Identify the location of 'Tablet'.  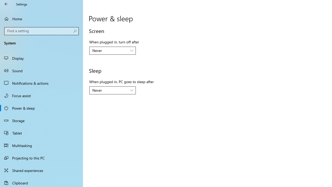
(41, 132).